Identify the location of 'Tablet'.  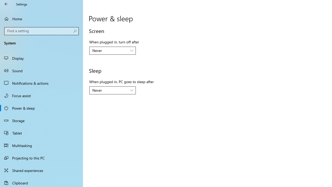
(41, 132).